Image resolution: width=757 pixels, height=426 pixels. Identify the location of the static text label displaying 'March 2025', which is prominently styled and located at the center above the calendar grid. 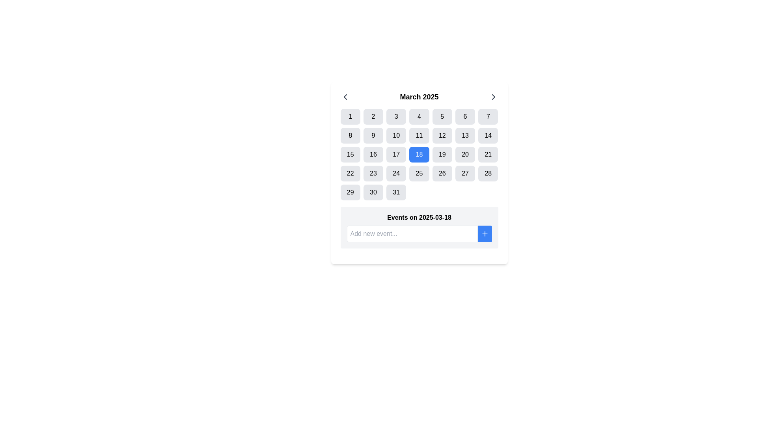
(419, 97).